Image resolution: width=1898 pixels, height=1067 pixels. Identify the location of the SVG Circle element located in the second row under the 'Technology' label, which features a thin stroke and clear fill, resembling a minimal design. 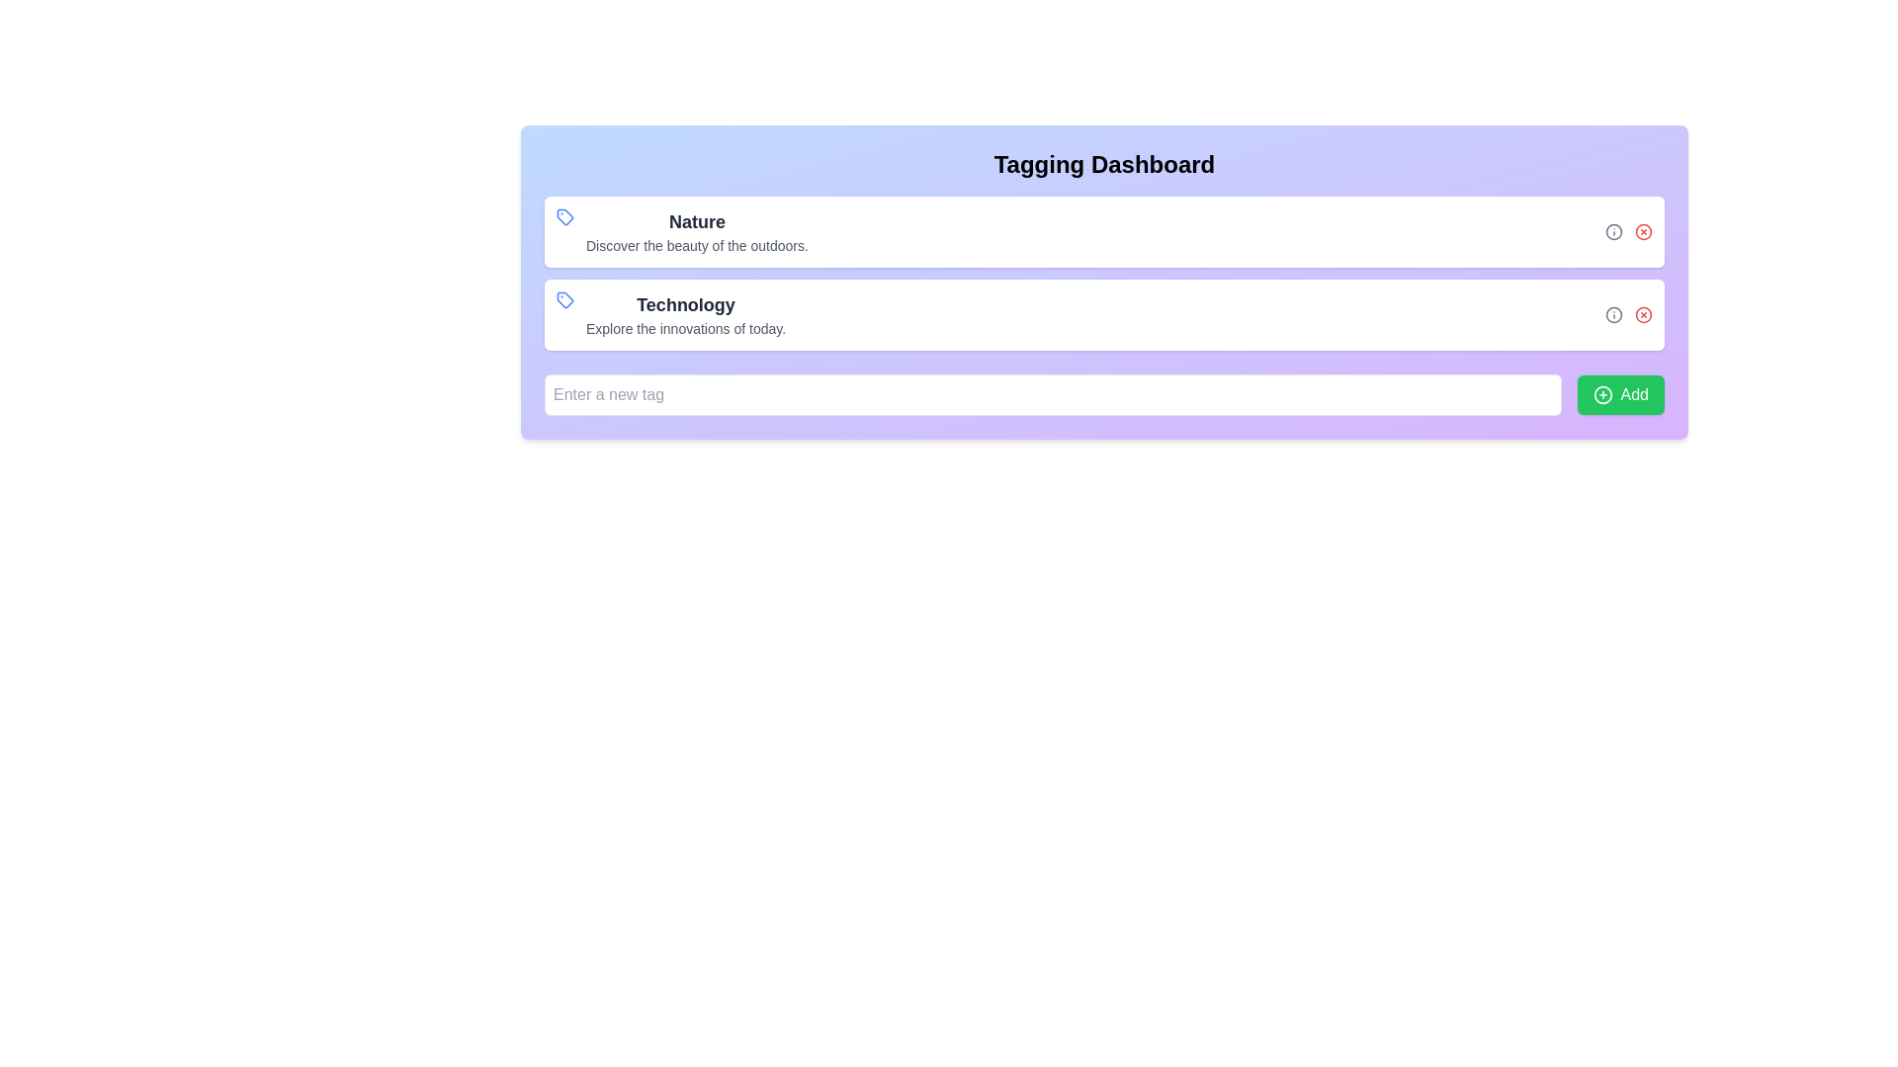
(1613, 314).